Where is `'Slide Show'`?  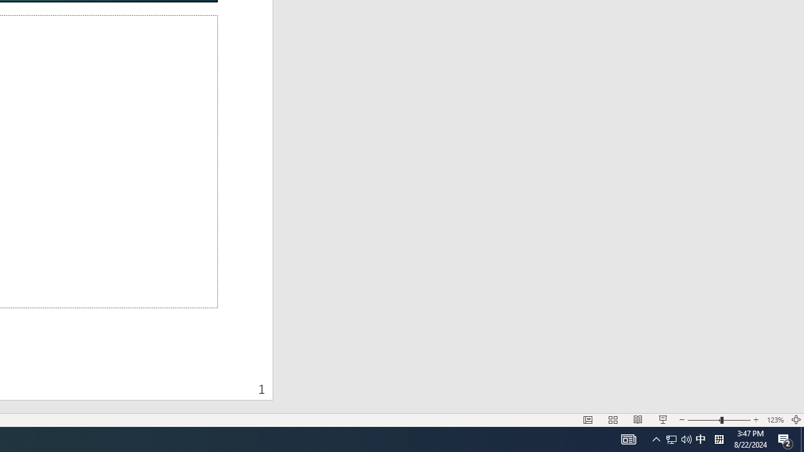 'Slide Show' is located at coordinates (663, 420).